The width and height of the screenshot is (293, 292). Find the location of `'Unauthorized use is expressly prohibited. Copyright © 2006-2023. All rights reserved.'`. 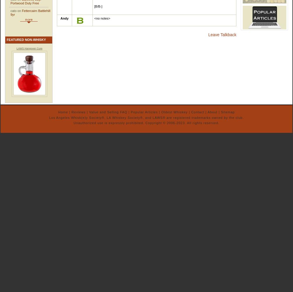

'Unauthorized use is expressly prohibited. Copyright © 2006-2023. All rights reserved.' is located at coordinates (146, 123).